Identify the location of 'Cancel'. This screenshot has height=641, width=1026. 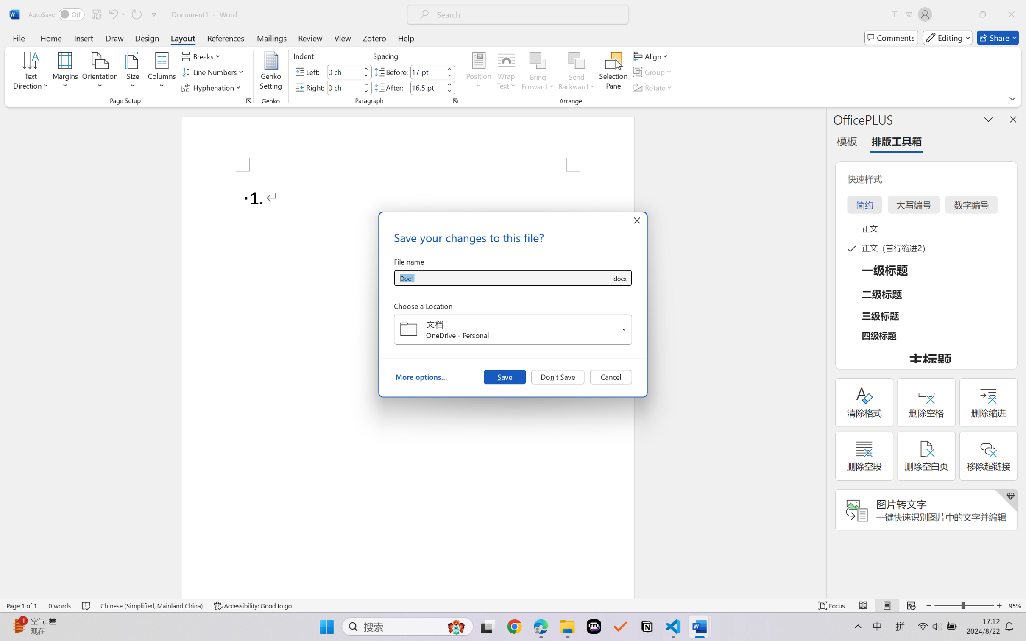
(611, 376).